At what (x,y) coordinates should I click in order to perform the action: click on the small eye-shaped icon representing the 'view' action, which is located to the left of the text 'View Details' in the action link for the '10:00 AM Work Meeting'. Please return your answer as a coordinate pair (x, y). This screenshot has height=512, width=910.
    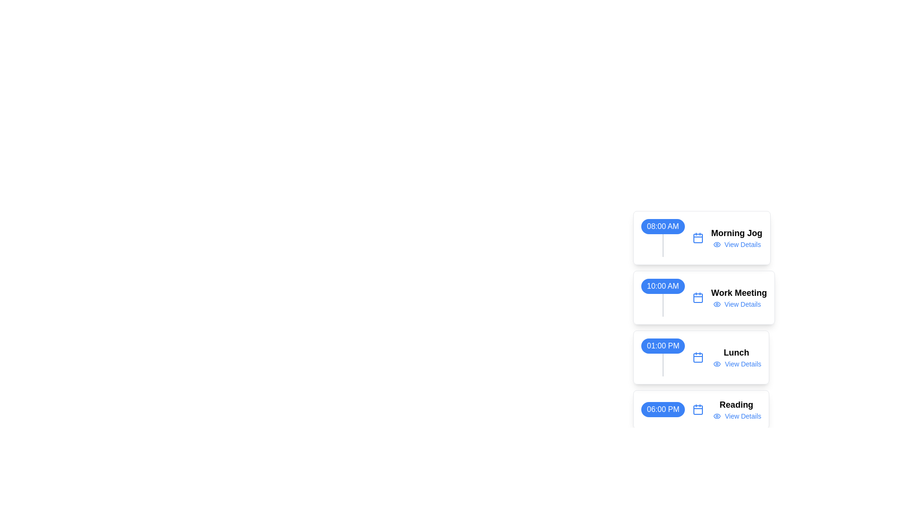
    Looking at the image, I should click on (717, 304).